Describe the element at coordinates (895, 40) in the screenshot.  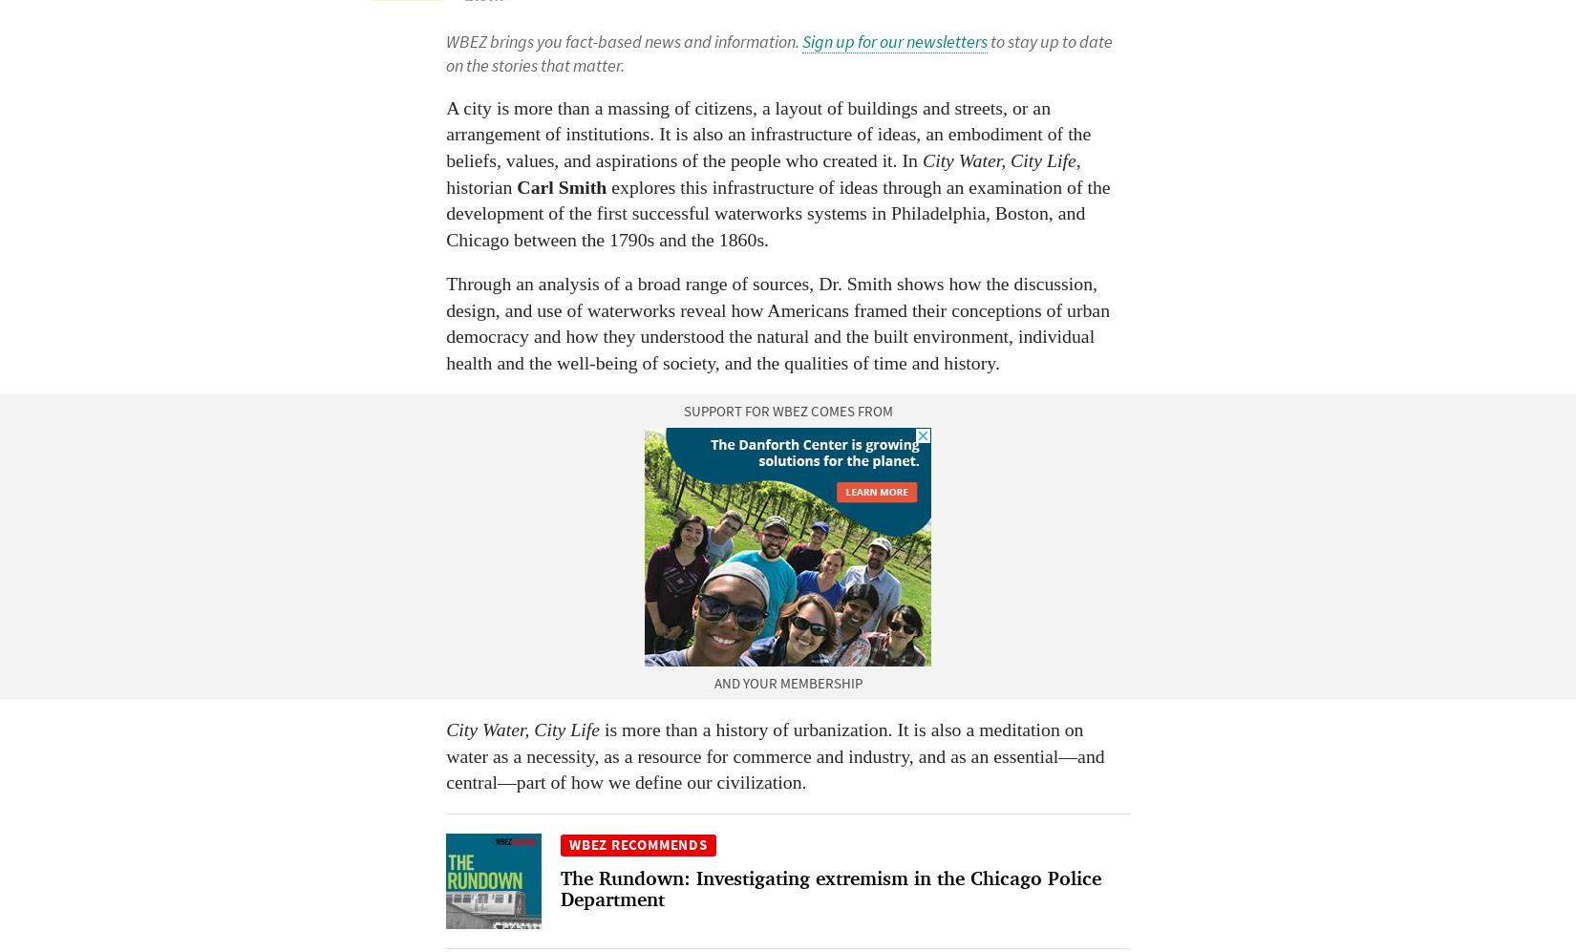
I see `'Sign up for our newsletters'` at that location.